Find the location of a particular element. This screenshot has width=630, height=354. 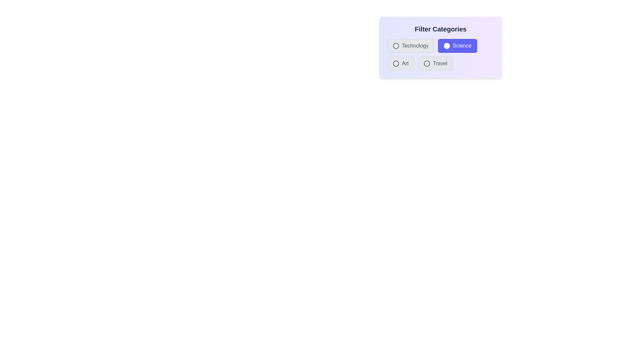

the Science button to observe the hover effect is located at coordinates (457, 45).